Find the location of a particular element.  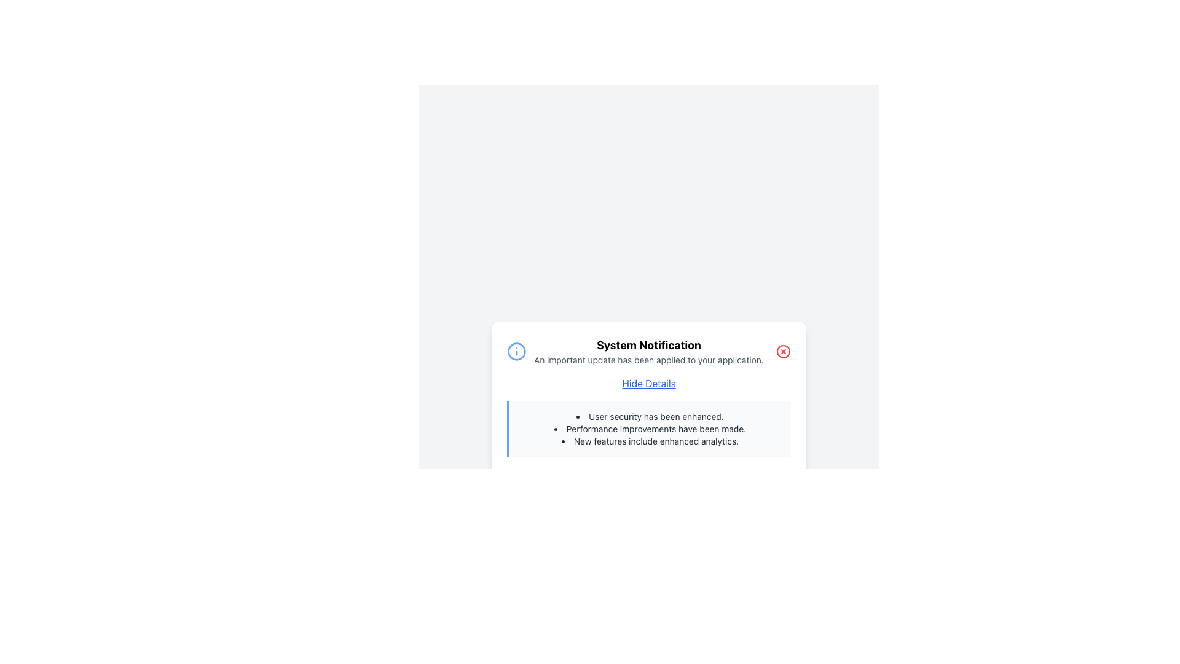

the text element that reads 'Performance improvements have been made.' which is the second item in a bulleted list within the 'System Notification' dialog is located at coordinates (649, 429).